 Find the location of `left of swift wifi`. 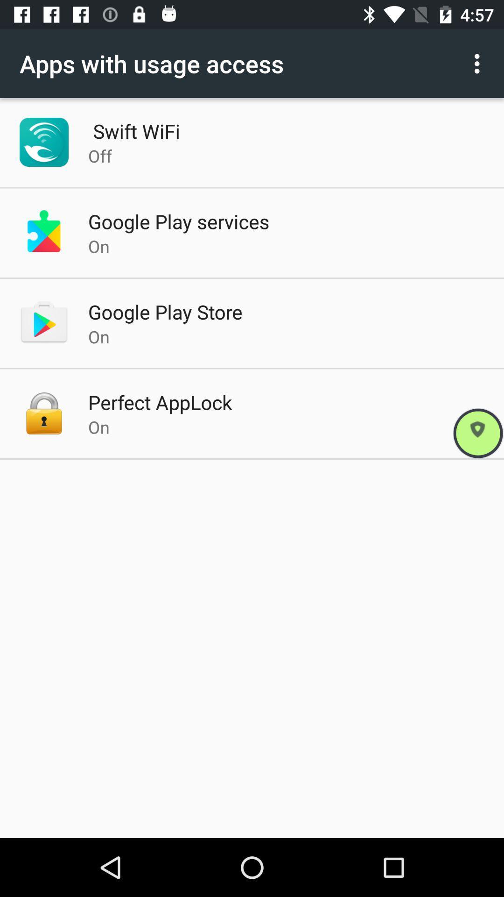

left of swift wifi is located at coordinates (44, 142).